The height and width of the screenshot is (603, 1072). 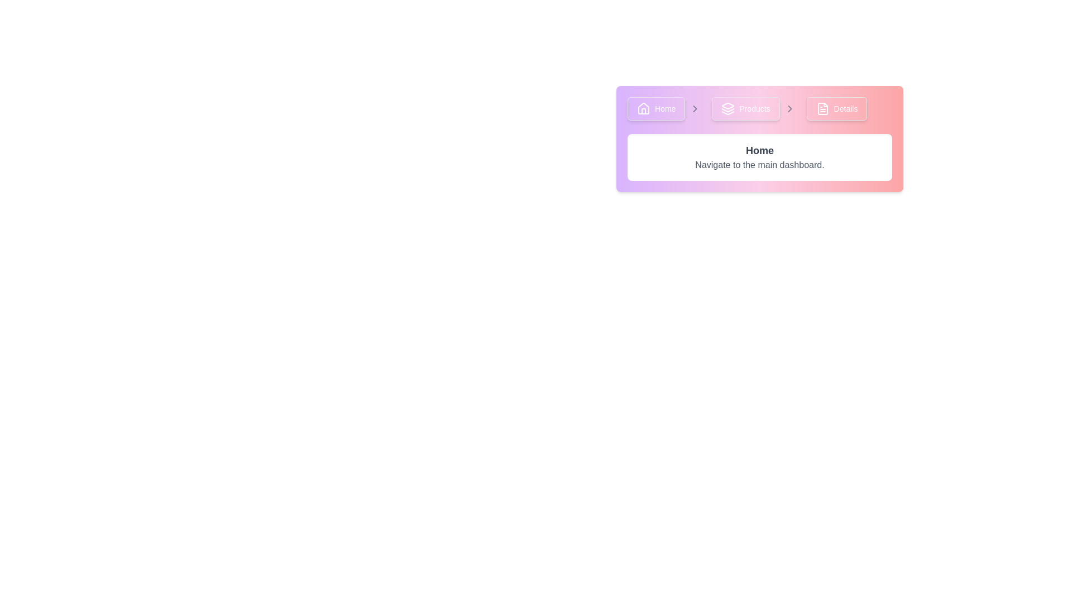 I want to click on the third button in the breadcrumb navigation bar, so click(x=836, y=109).